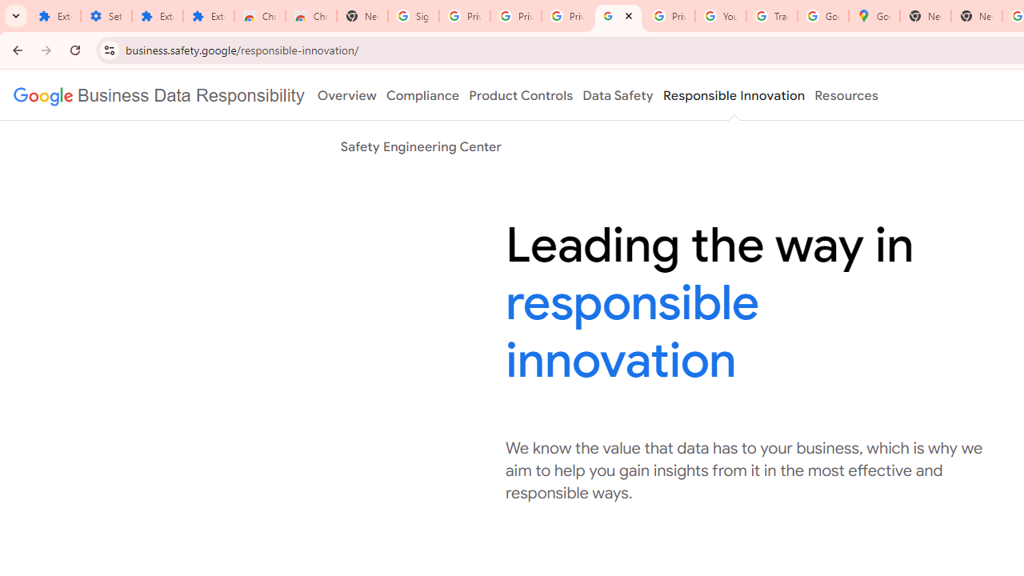 Image resolution: width=1024 pixels, height=576 pixels. Describe the element at coordinates (617, 95) in the screenshot. I see `'Data Safety'` at that location.